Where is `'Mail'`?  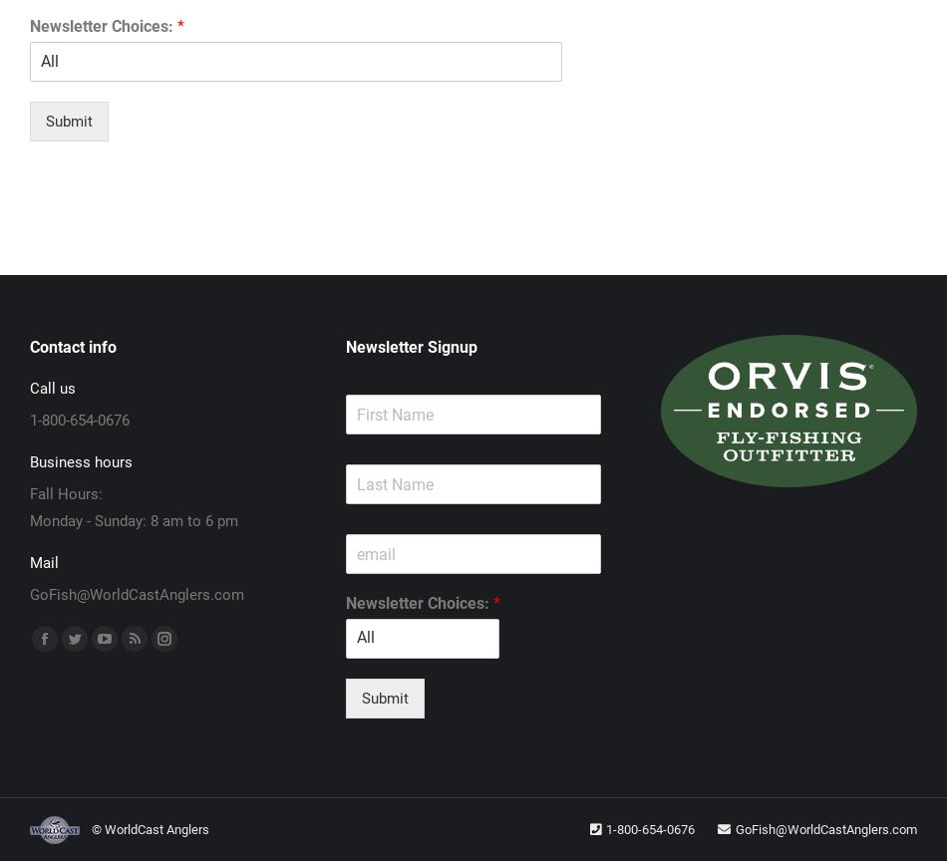 'Mail' is located at coordinates (44, 561).